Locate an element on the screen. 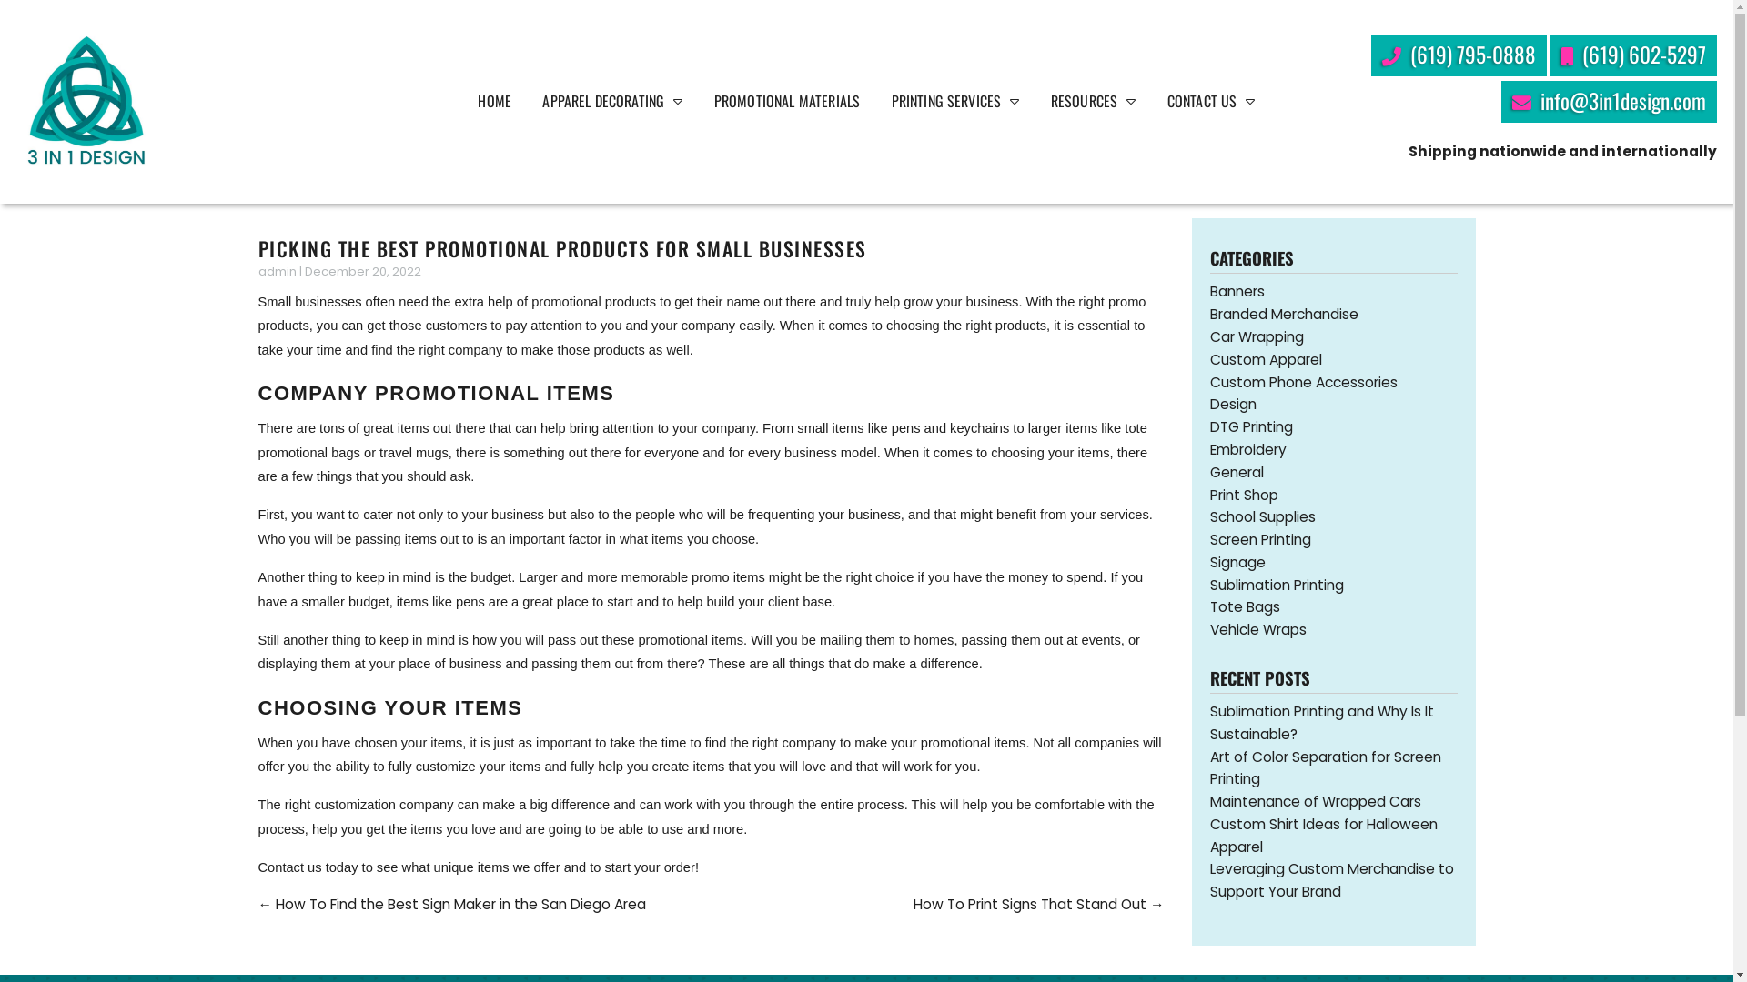 Image resolution: width=1747 pixels, height=982 pixels. 'RESOURCES' is located at coordinates (1092, 101).